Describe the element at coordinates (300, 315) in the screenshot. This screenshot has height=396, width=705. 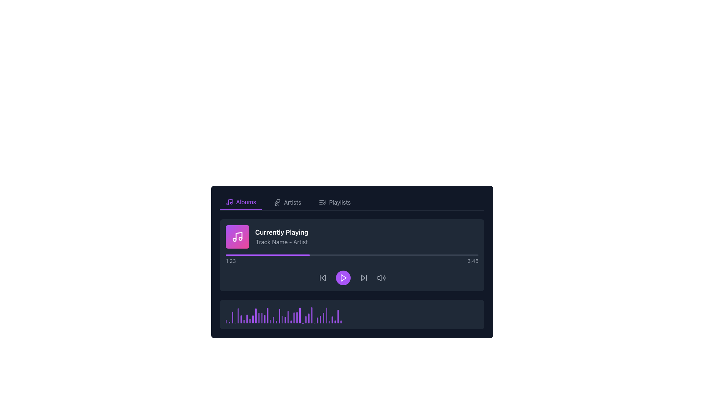
I see `the purple vertical bar with rounded top and bottom, which is the twenty-fifth in the waveform visualization located at the bottom of the interface` at that location.